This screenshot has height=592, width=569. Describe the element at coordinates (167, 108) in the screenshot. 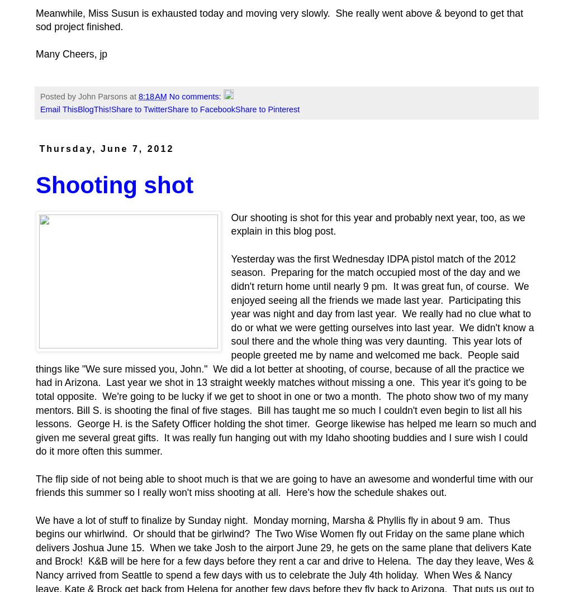

I see `'Share to Facebook'` at that location.